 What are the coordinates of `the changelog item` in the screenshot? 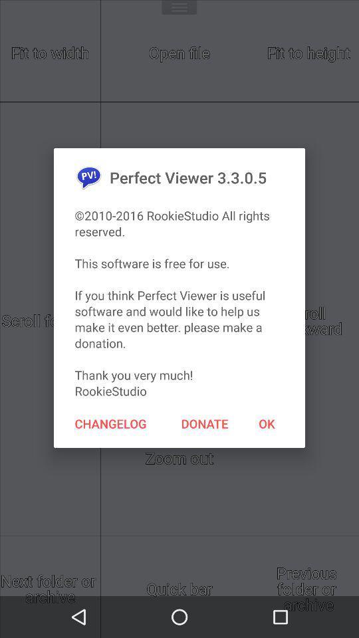 It's located at (110, 423).